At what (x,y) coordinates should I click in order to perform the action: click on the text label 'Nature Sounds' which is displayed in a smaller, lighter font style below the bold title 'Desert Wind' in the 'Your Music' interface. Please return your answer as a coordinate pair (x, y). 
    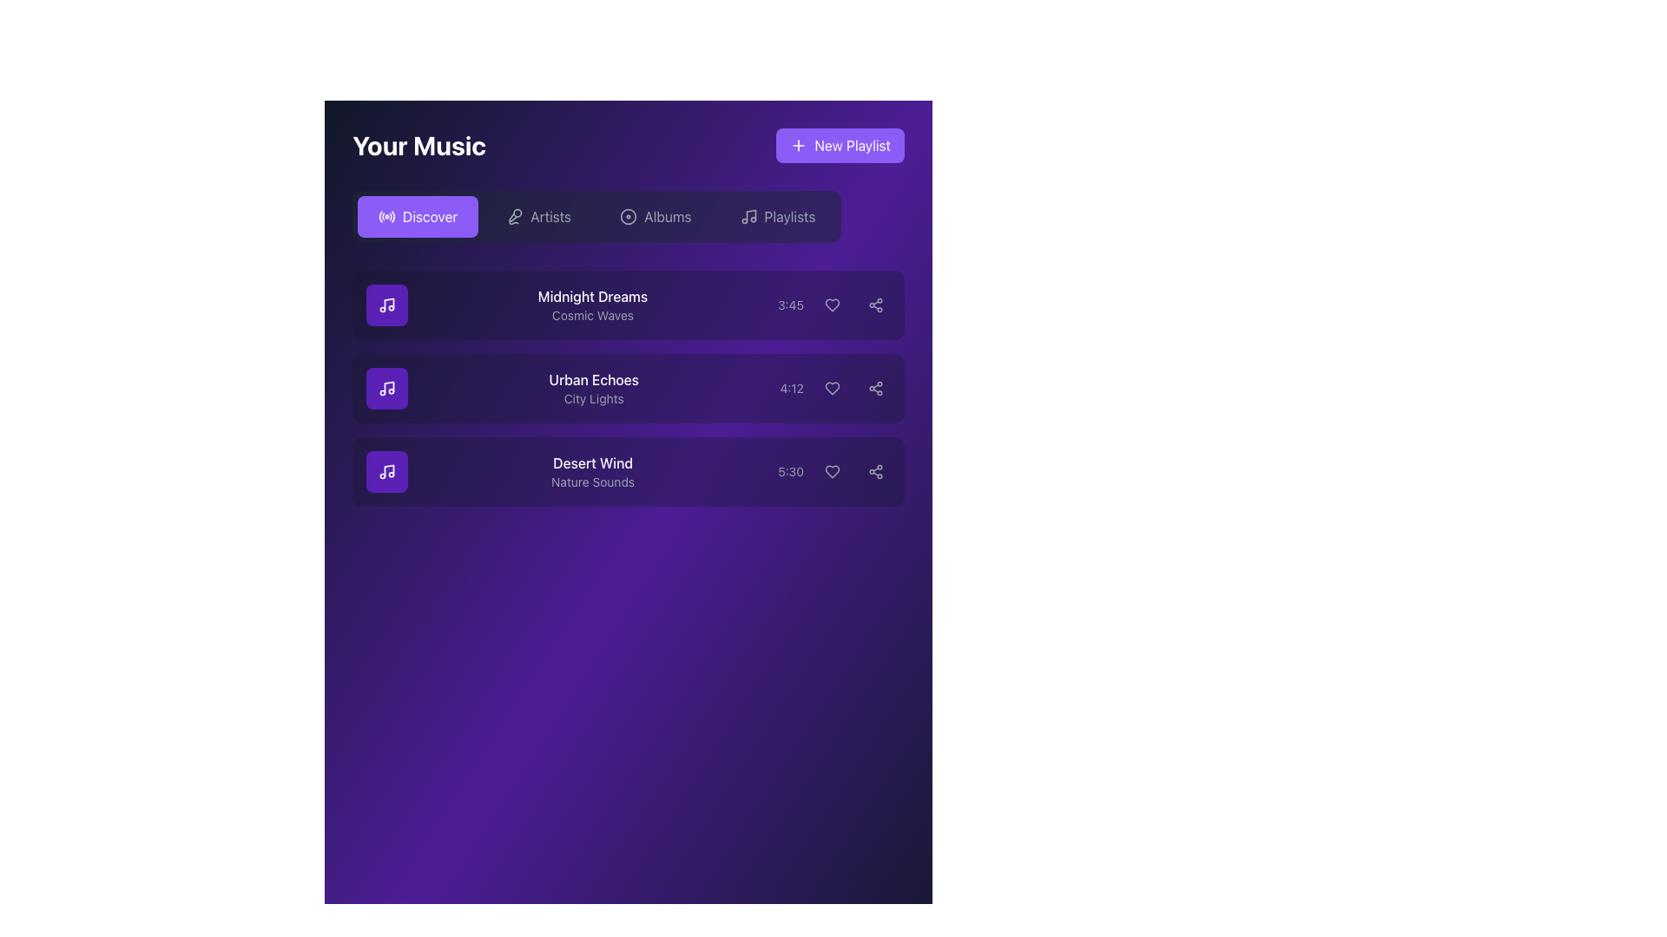
    Looking at the image, I should click on (593, 482).